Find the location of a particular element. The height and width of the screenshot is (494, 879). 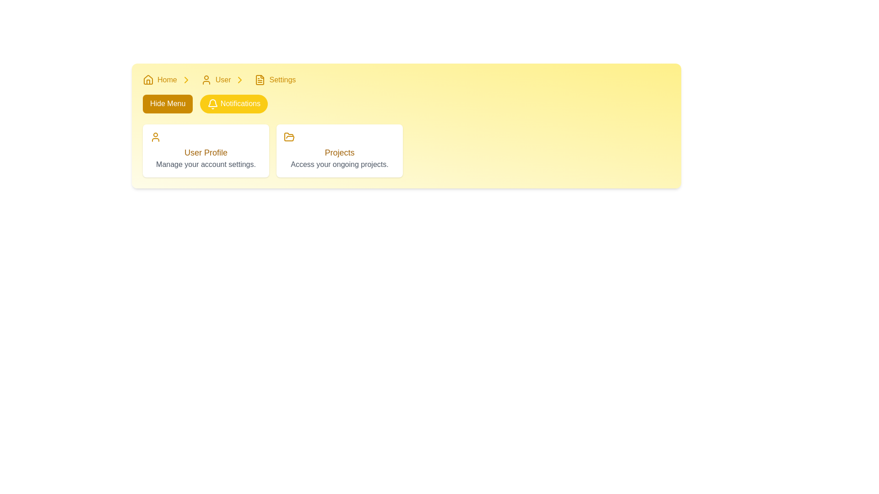

the bright yellow chevron icon located in the breadcrumb navigation bar, positioned between the 'Home' and 'User' link texts is located at coordinates (185, 79).